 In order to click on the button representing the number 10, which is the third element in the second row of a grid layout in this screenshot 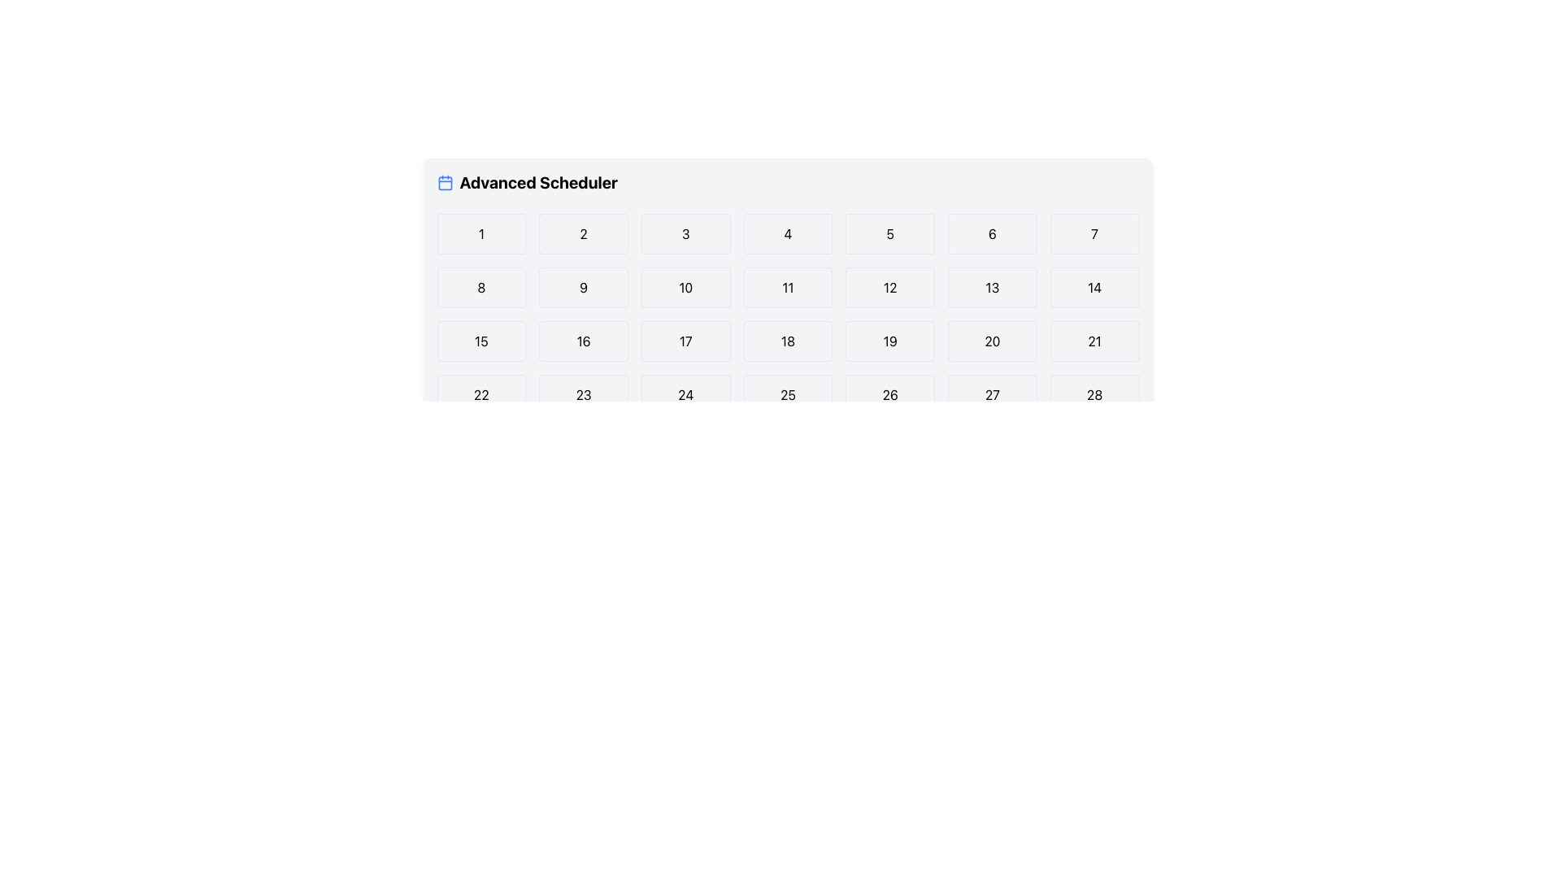, I will do `click(685, 287)`.